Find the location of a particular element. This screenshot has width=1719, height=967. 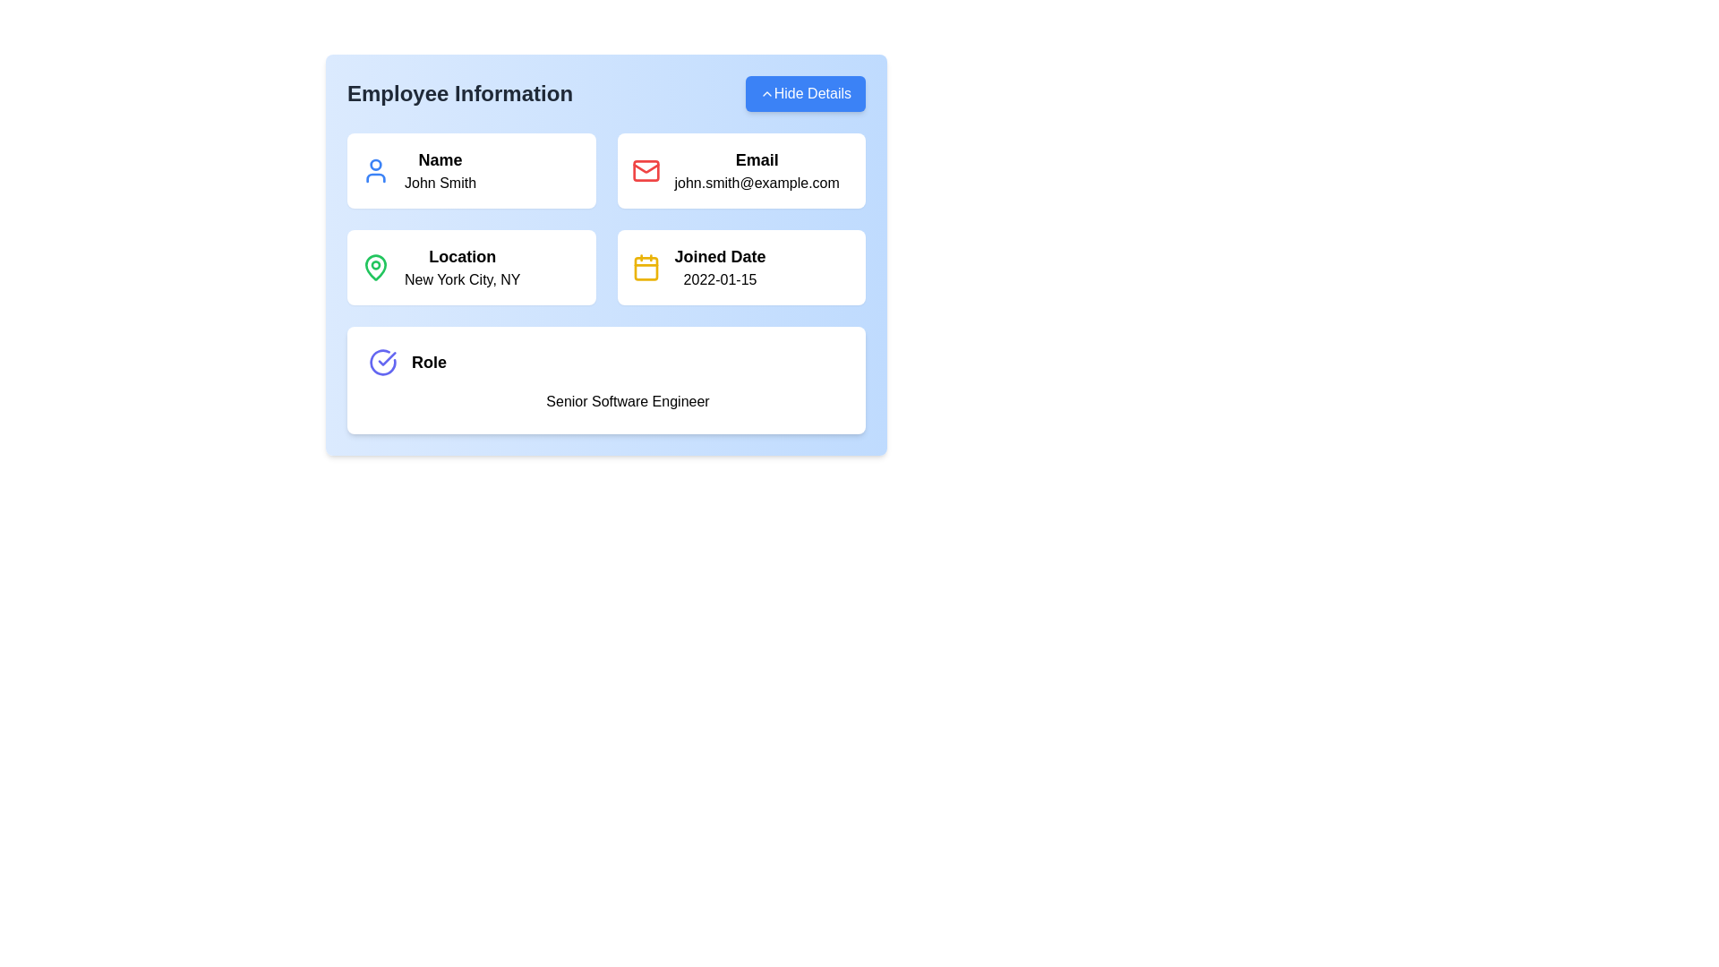

the static text element labeled 'Role', which is positioned to the right of a checked circle icon, serving as a descriptive label is located at coordinates (428, 363).